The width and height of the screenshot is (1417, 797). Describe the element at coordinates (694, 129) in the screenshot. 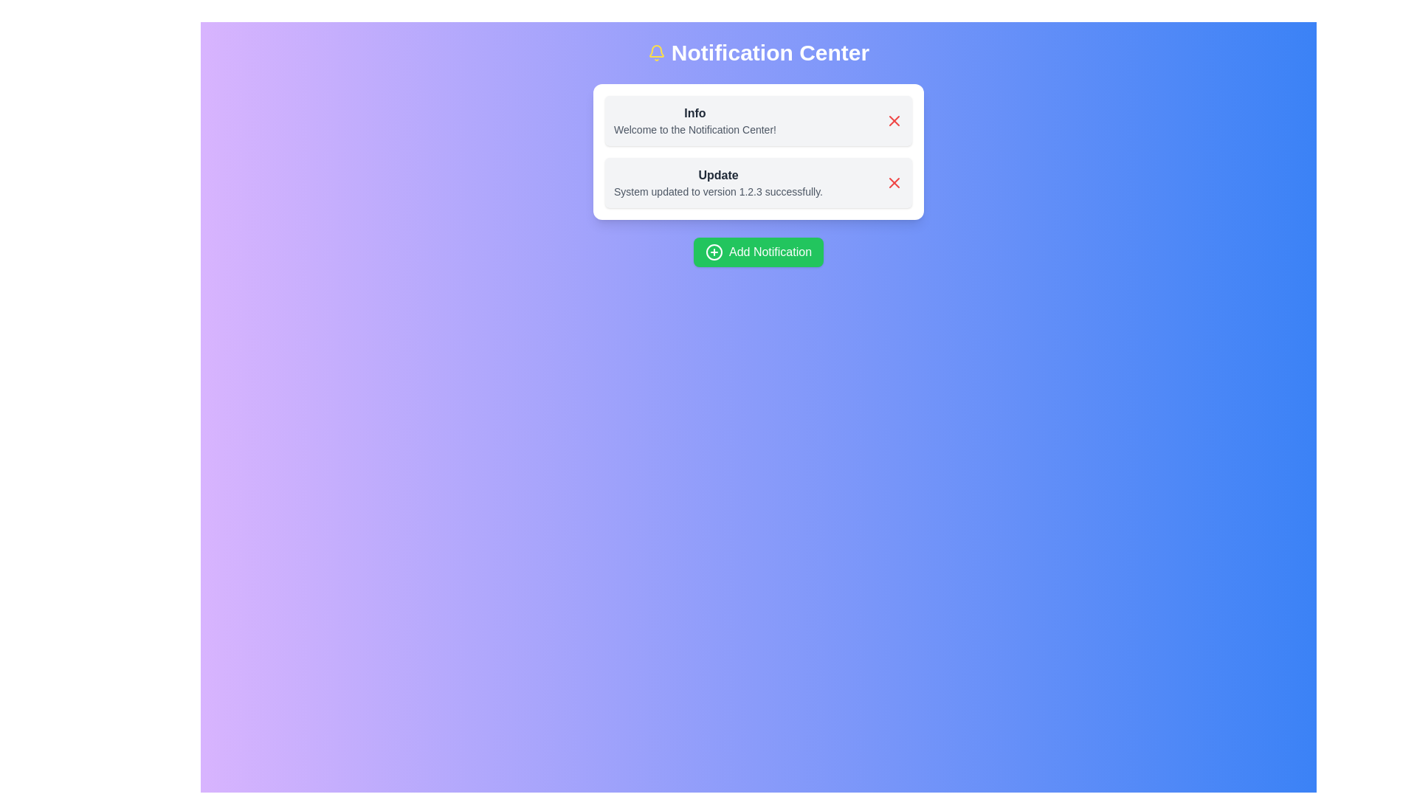

I see `the text element that reads 'Welcome to the Notification Center!', which is styled with a small font size and gray color, located below the 'Info' heading within a notification card` at that location.